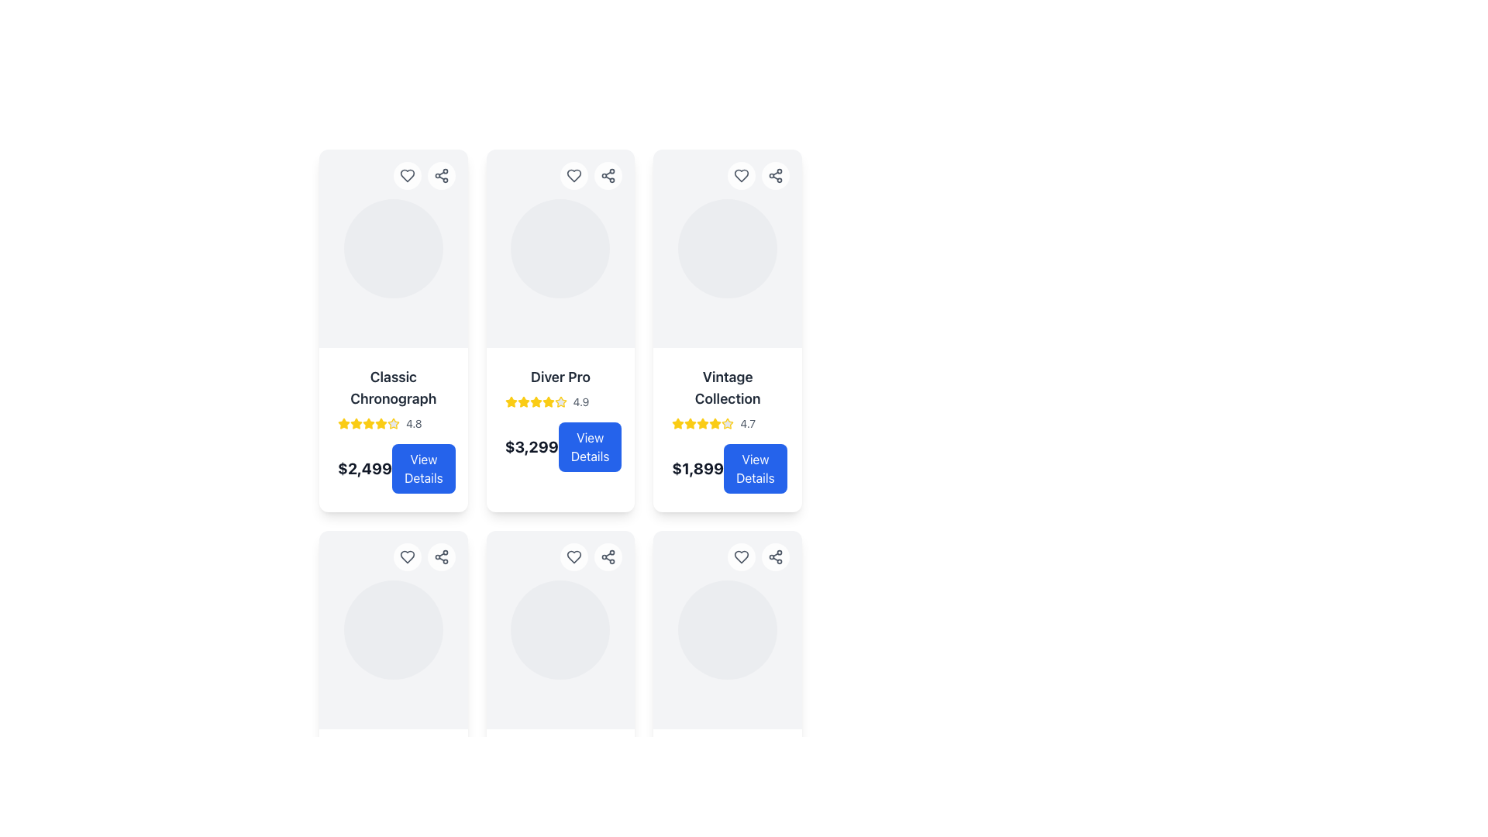  What do you see at coordinates (560, 330) in the screenshot?
I see `the 'Diver Pro' product card, which is the second item in the first row of the grid layout, to potentially reveal more options` at bounding box center [560, 330].